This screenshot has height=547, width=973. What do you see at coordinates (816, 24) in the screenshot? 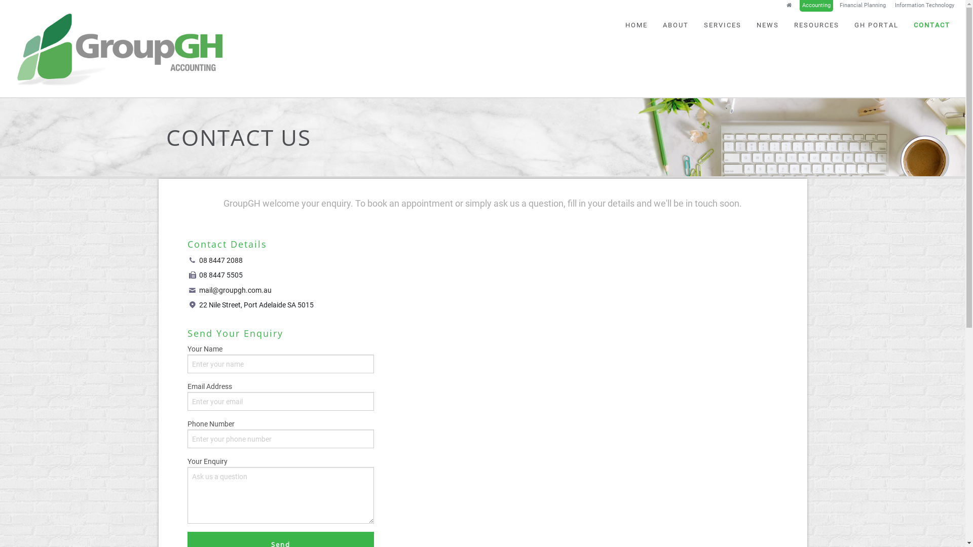
I see `'RESOURCES'` at bounding box center [816, 24].